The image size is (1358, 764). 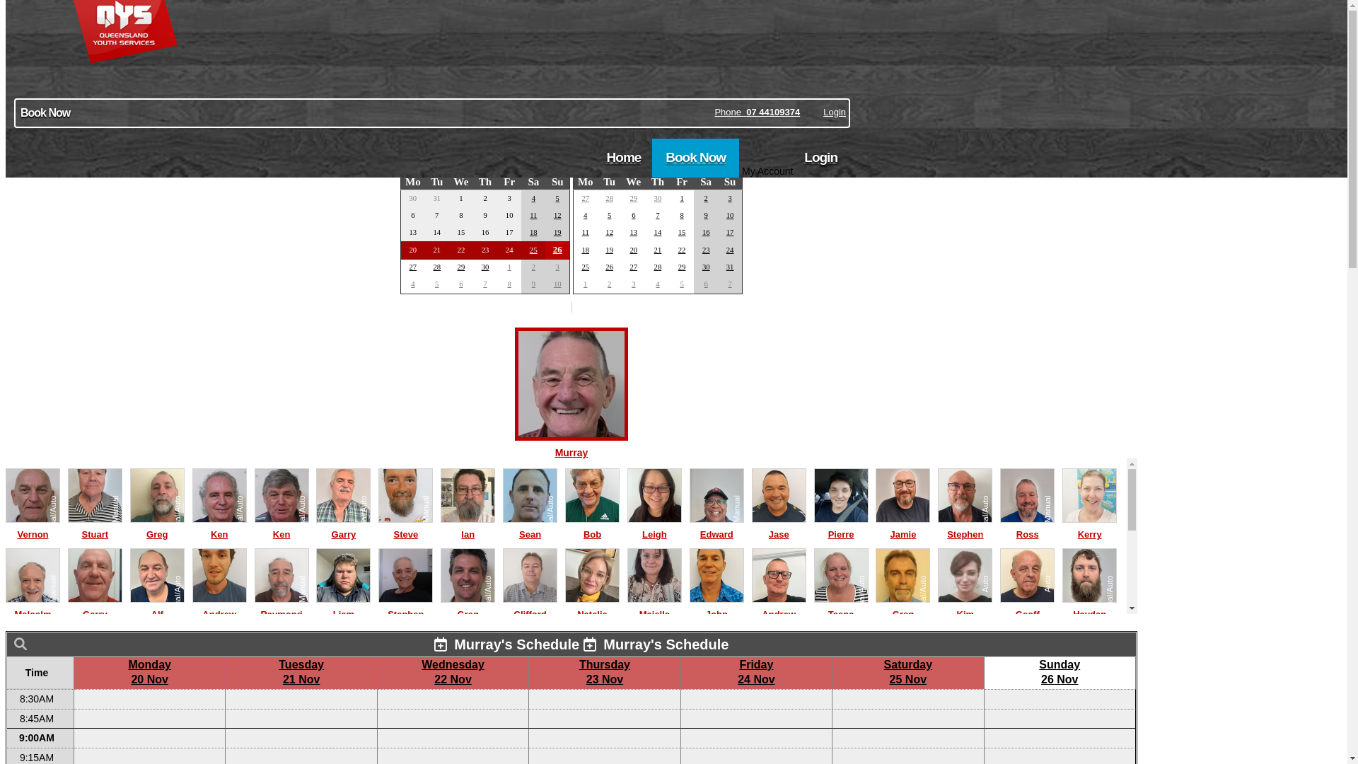 What do you see at coordinates (937, 527) in the screenshot?
I see `'Stephen` at bounding box center [937, 527].